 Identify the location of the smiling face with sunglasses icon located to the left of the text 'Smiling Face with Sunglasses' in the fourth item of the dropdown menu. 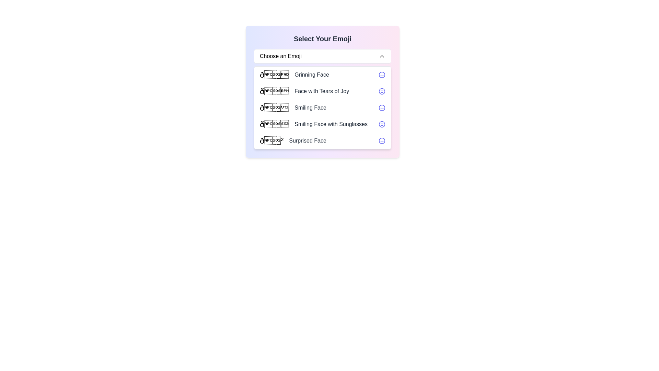
(274, 124).